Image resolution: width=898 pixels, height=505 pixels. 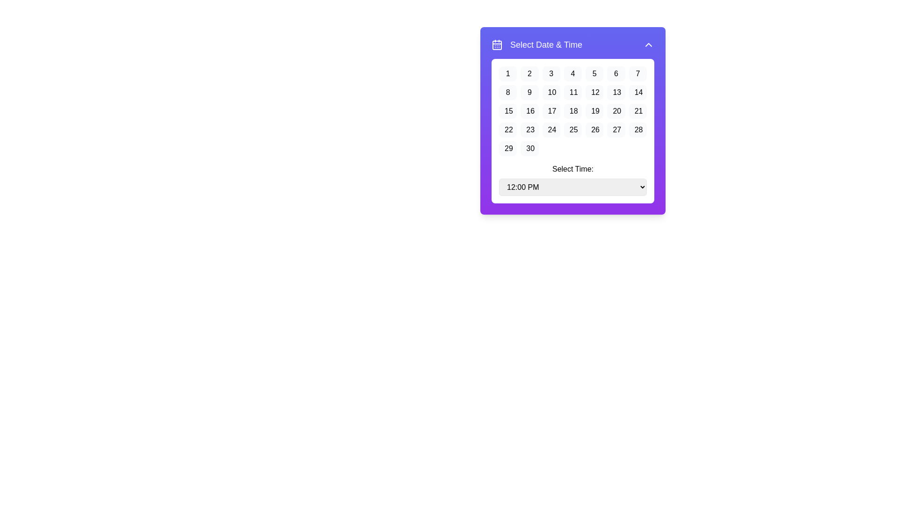 I want to click on a day in the interactive calendar grid, so click(x=572, y=111).